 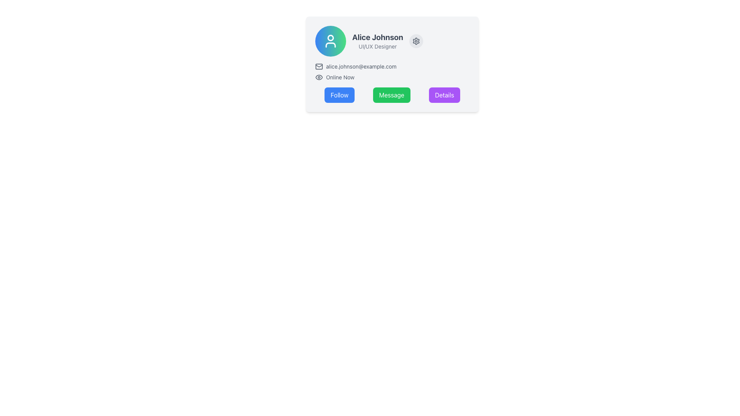 What do you see at coordinates (377, 41) in the screenshot?
I see `the text display element with bold text 'Alice Johnson' in the user profile card layout` at bounding box center [377, 41].